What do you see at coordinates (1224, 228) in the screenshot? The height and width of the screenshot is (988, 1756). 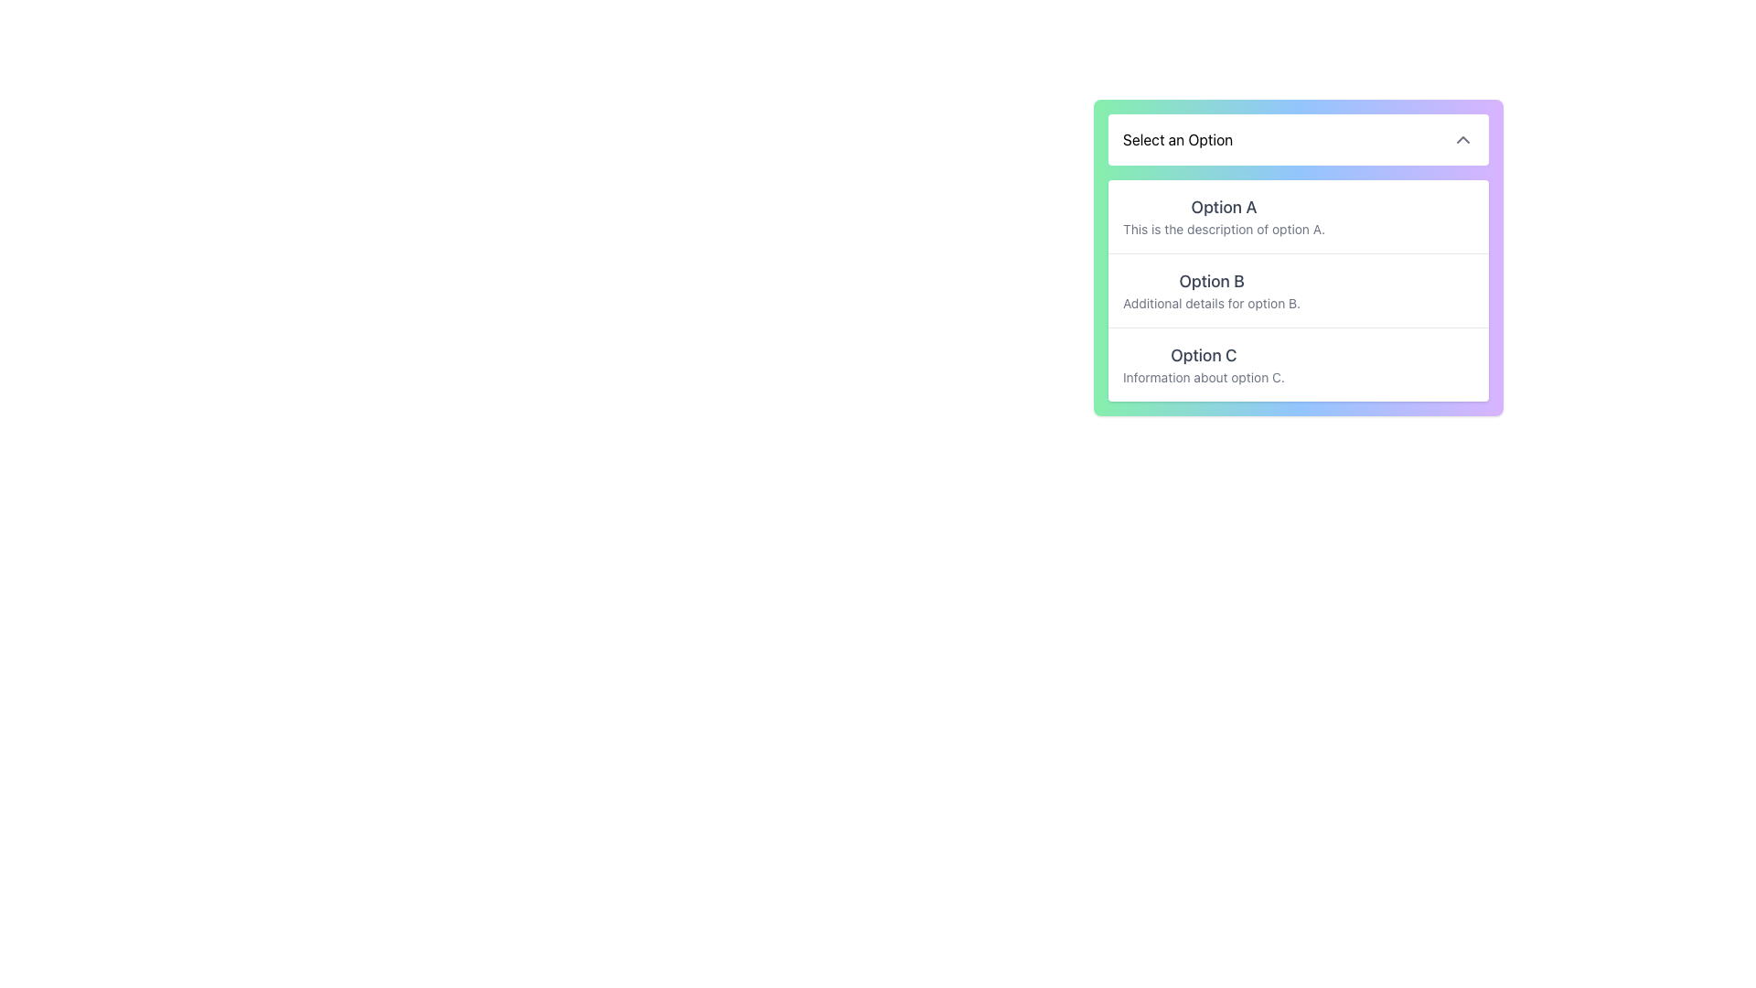 I see `the static descriptive text label located beneath 'Option A' in the dropdown menu` at bounding box center [1224, 228].